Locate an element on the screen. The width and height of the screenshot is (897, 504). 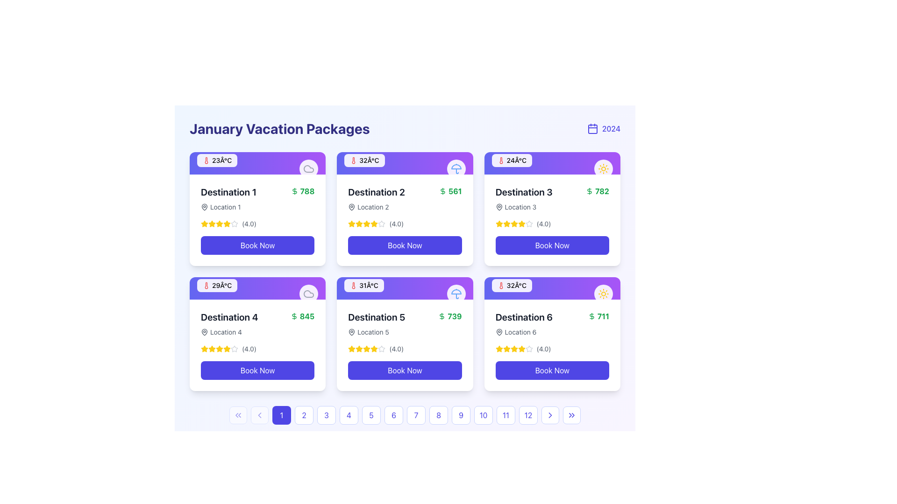
the pagination button labeled '9', which is located between buttons '8' and '10' is located at coordinates (461, 415).